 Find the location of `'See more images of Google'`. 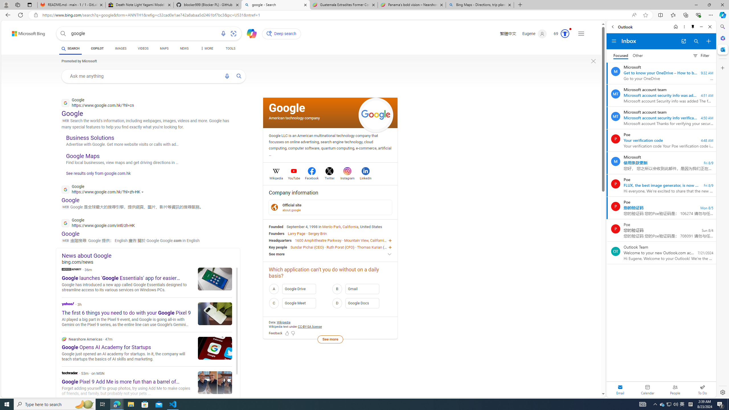

'See more images of Google' is located at coordinates (376, 114).